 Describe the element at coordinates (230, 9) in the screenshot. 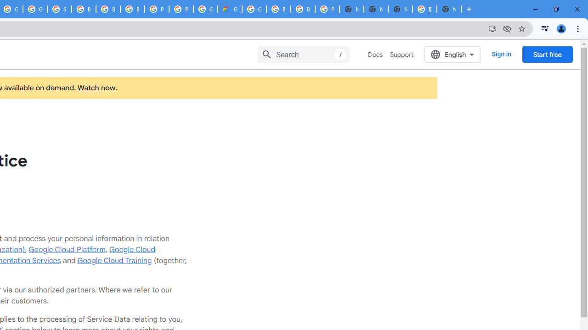

I see `'Google Cloud Estimate Summary'` at that location.